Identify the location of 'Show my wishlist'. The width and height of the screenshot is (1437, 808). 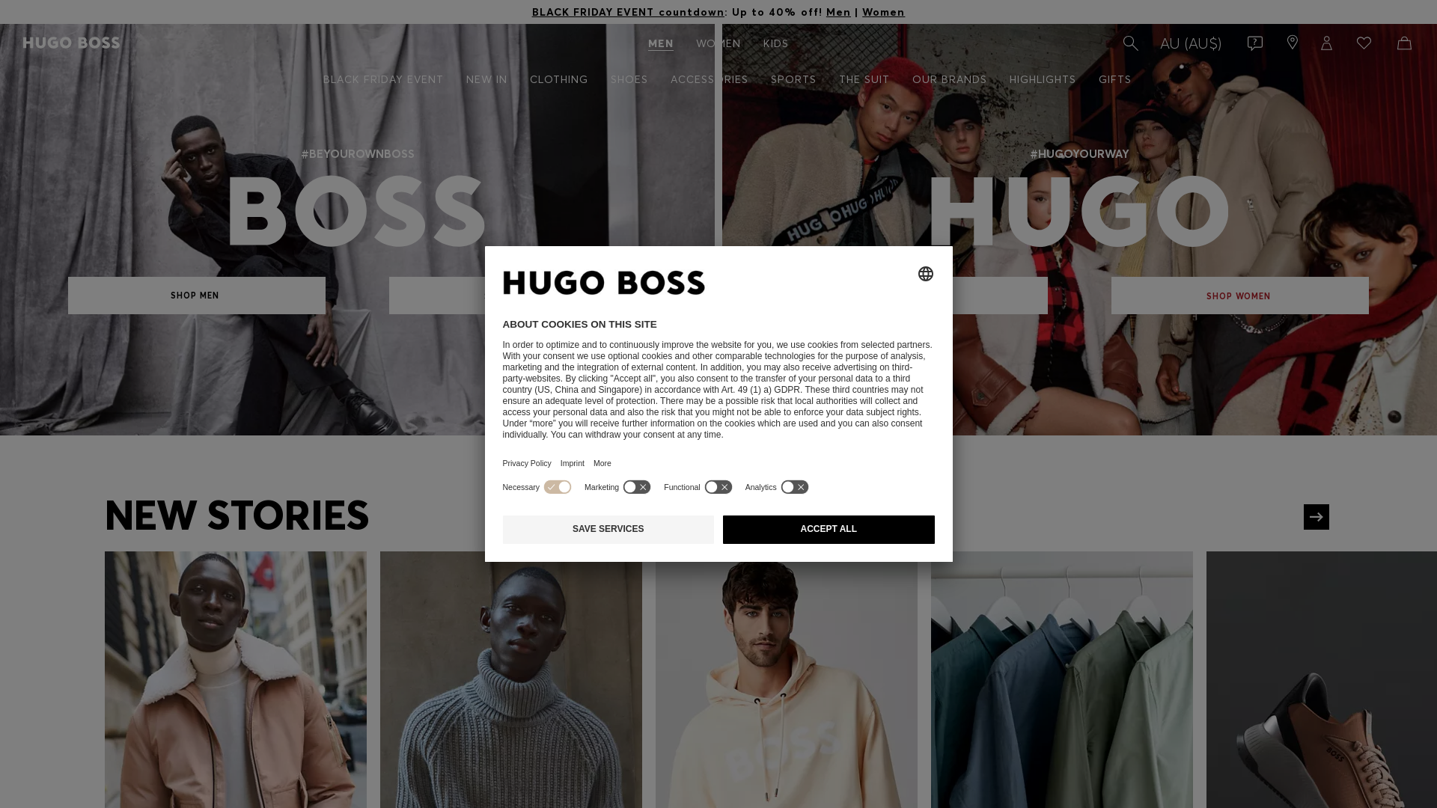
(1361, 43).